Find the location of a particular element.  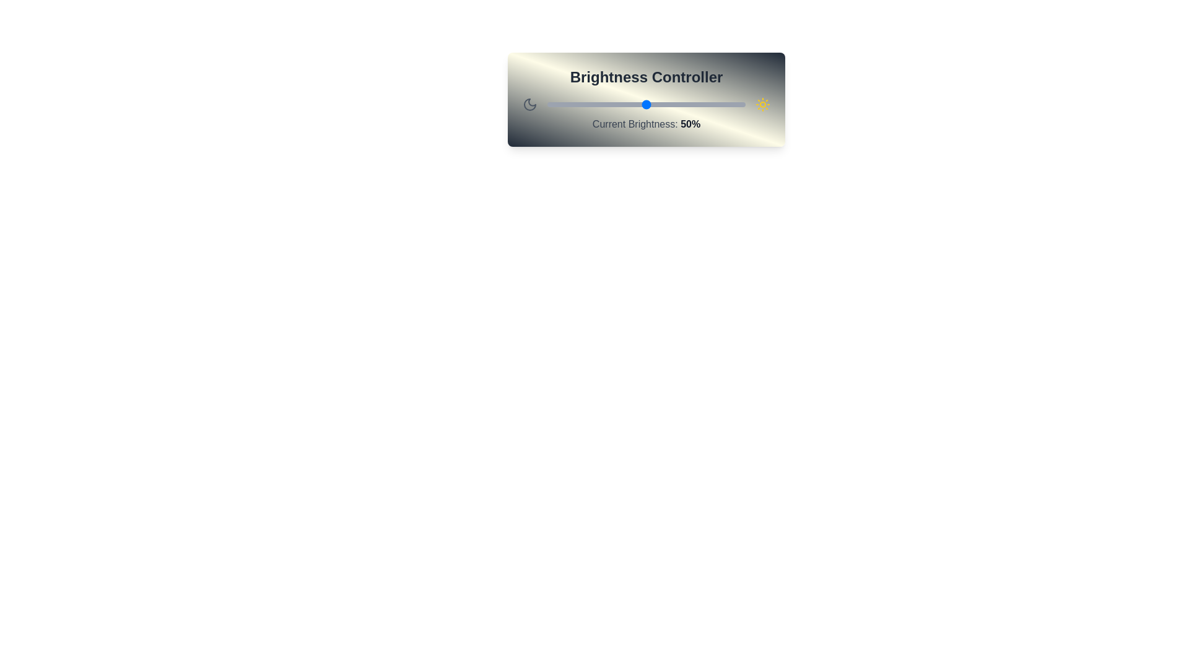

the brightness slider to 90% is located at coordinates (725, 104).